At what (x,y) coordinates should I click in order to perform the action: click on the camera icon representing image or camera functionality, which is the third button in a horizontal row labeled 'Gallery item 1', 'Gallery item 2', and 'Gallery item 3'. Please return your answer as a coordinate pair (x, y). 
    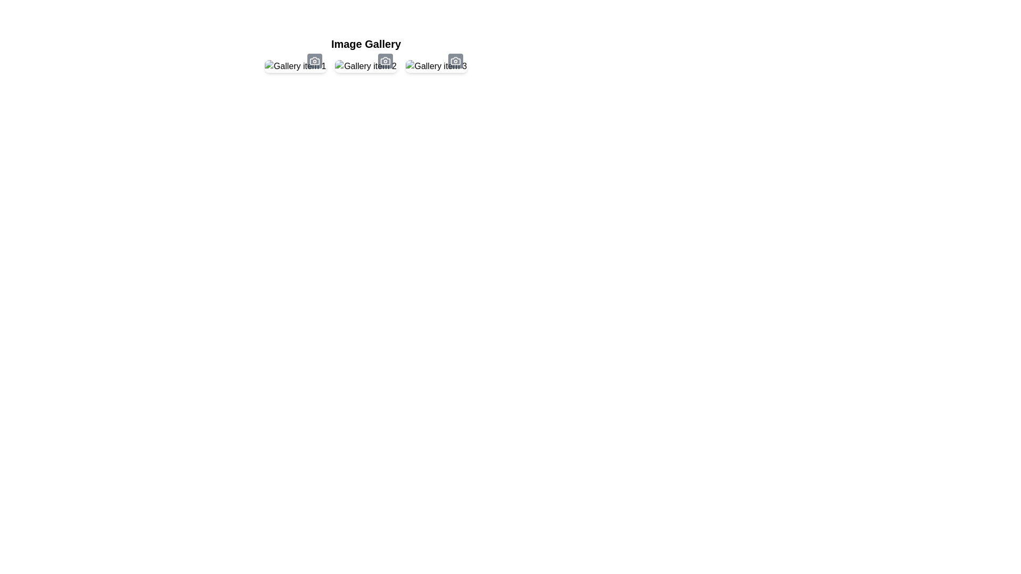
    Looking at the image, I should click on (456, 61).